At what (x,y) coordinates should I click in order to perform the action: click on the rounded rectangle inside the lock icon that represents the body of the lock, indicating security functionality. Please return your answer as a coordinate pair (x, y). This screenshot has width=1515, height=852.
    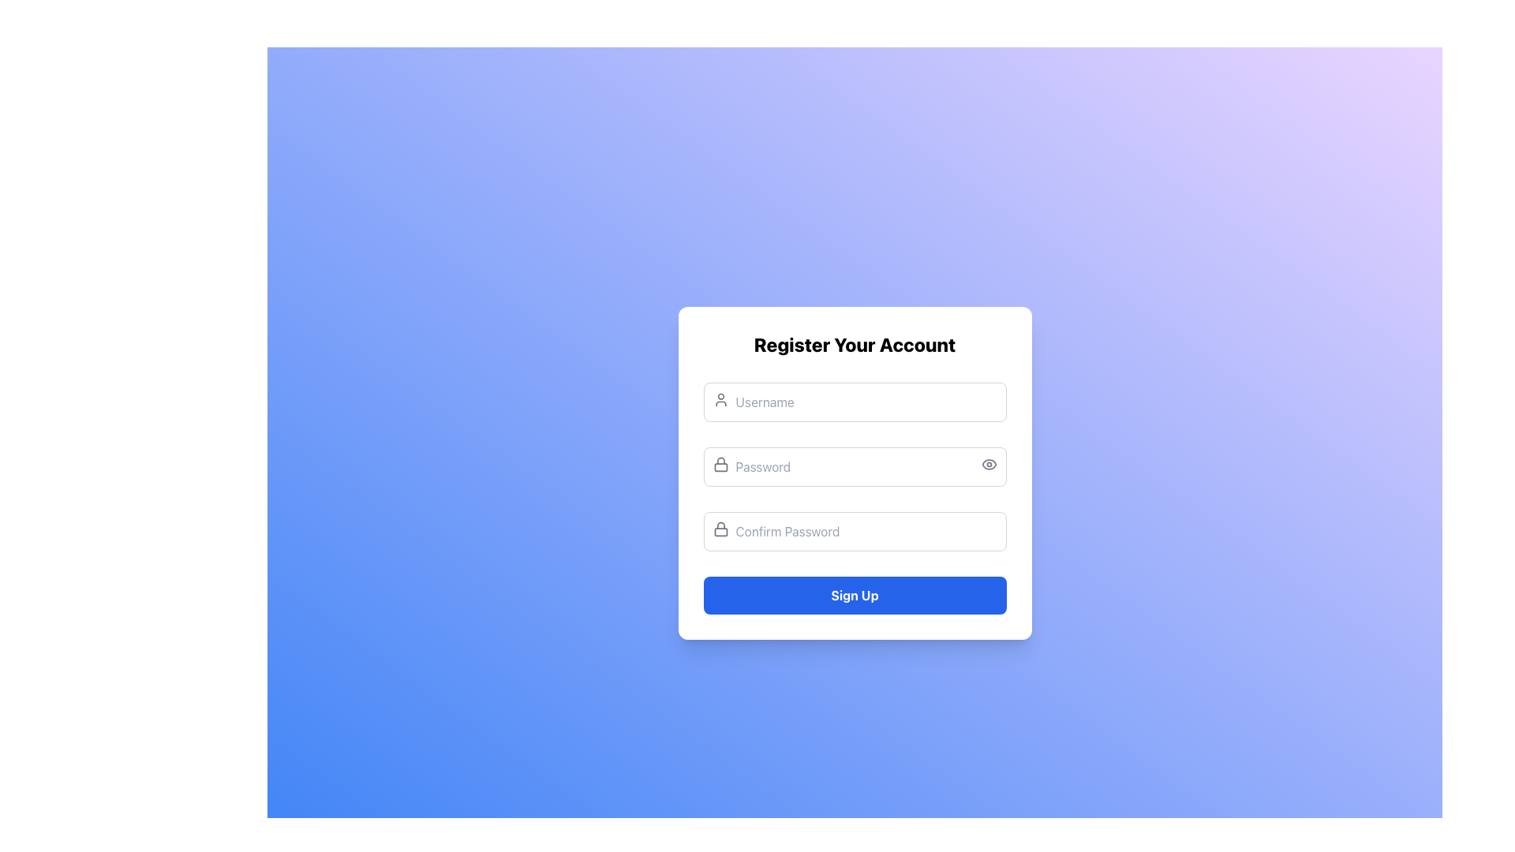
    Looking at the image, I should click on (720, 466).